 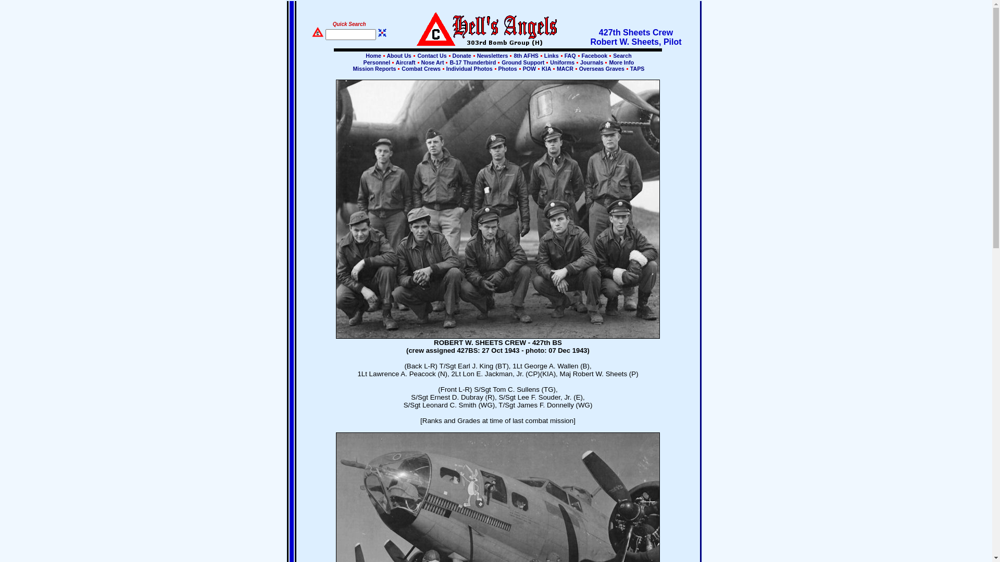 What do you see at coordinates (592, 62) in the screenshot?
I see `'Journals'` at bounding box center [592, 62].